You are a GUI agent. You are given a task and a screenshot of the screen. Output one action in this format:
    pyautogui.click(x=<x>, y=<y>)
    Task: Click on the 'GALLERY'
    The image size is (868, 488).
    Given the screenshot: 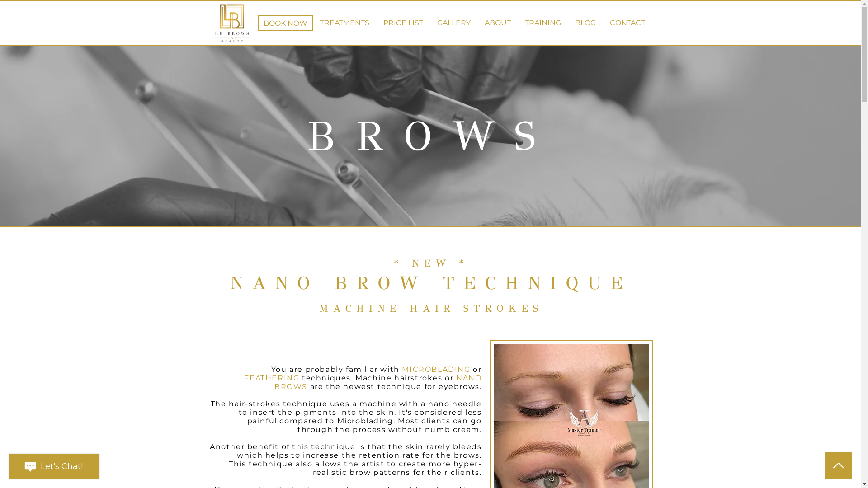 What is the action you would take?
    pyautogui.click(x=454, y=22)
    